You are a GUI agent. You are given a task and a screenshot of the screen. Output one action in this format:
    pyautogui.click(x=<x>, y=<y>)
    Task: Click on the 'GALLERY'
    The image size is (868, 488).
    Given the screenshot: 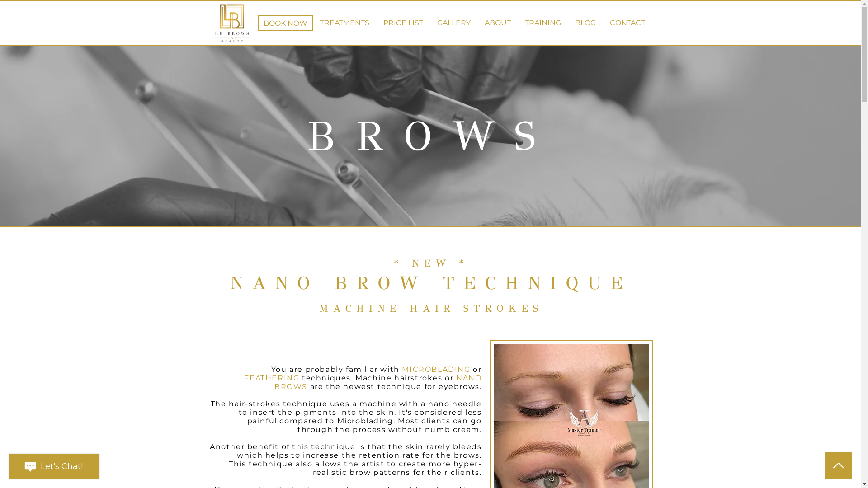 What is the action you would take?
    pyautogui.click(x=454, y=22)
    